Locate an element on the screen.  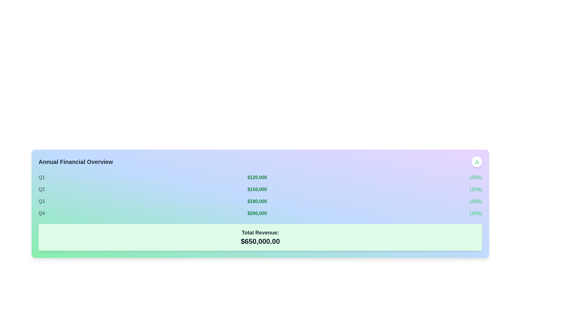
text label displaying the value '$180,000' in bold green color, located in the third row of the table structure labeled 'Q3' is located at coordinates (257, 201).